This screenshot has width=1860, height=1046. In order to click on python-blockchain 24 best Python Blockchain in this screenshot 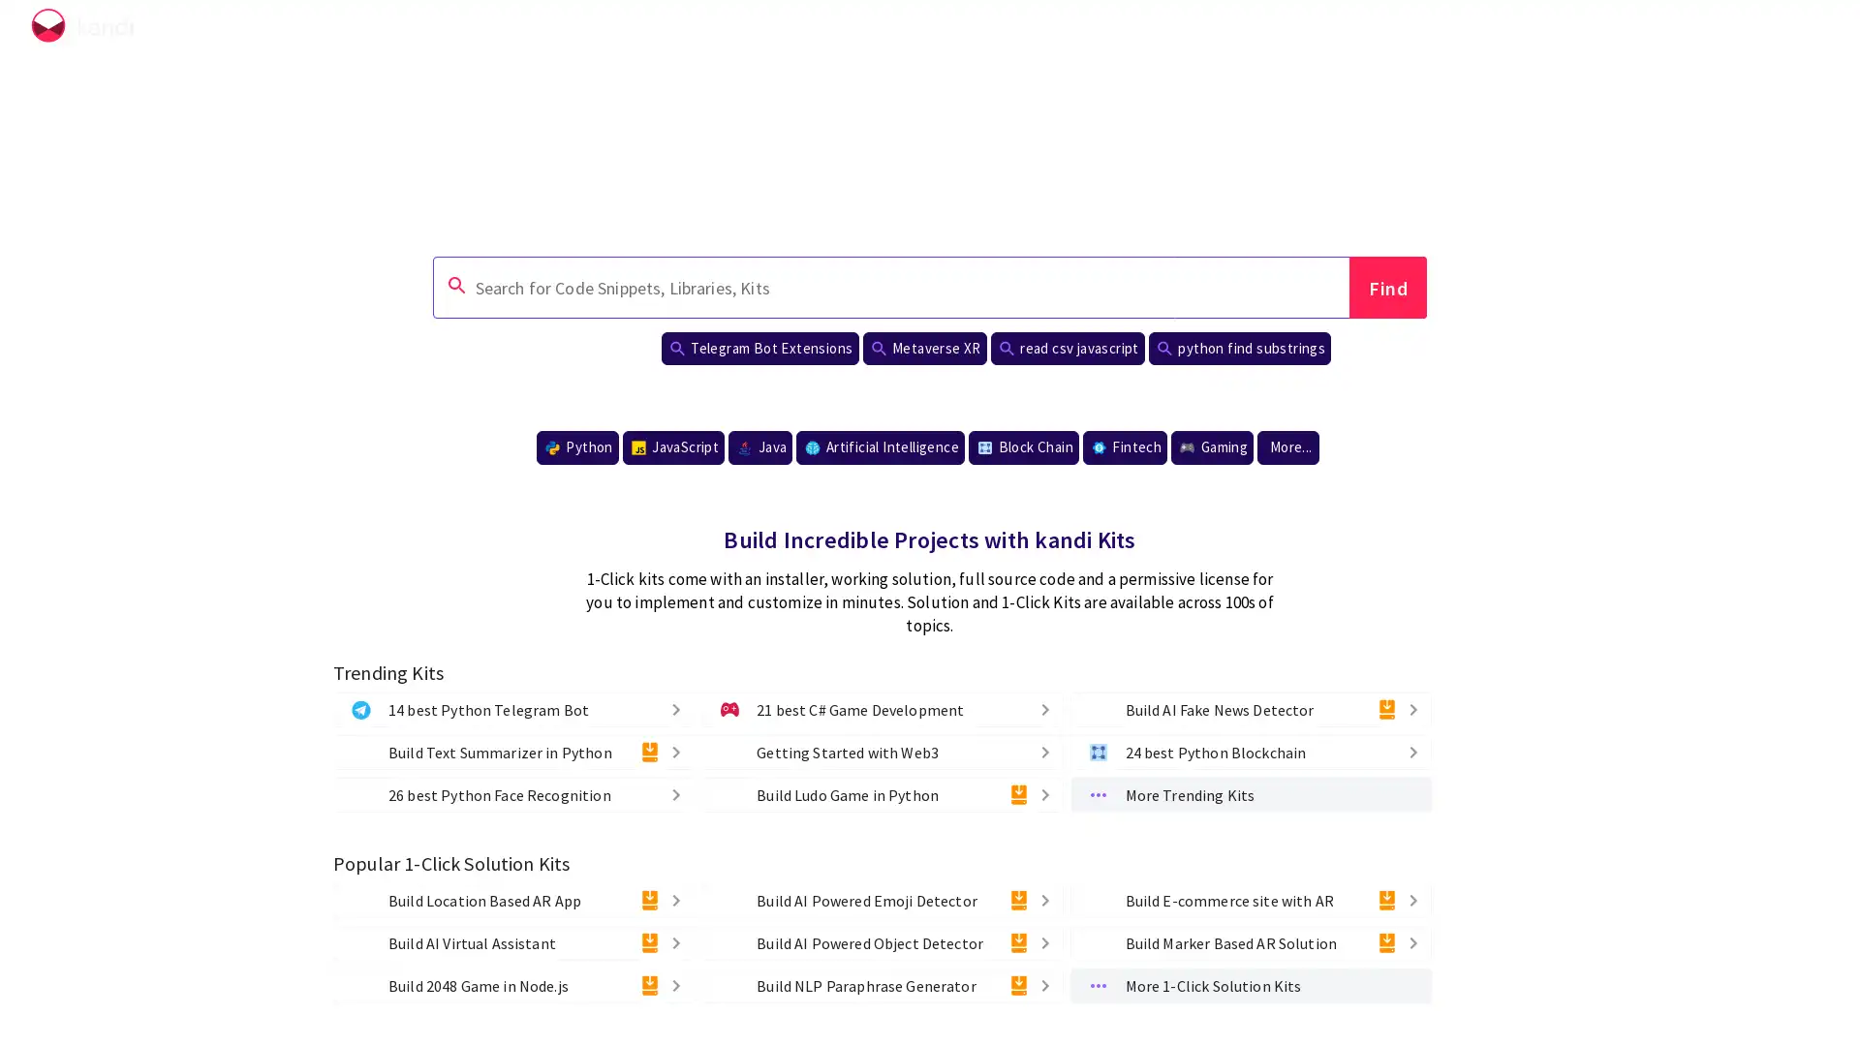, I will do `click(1250, 750)`.